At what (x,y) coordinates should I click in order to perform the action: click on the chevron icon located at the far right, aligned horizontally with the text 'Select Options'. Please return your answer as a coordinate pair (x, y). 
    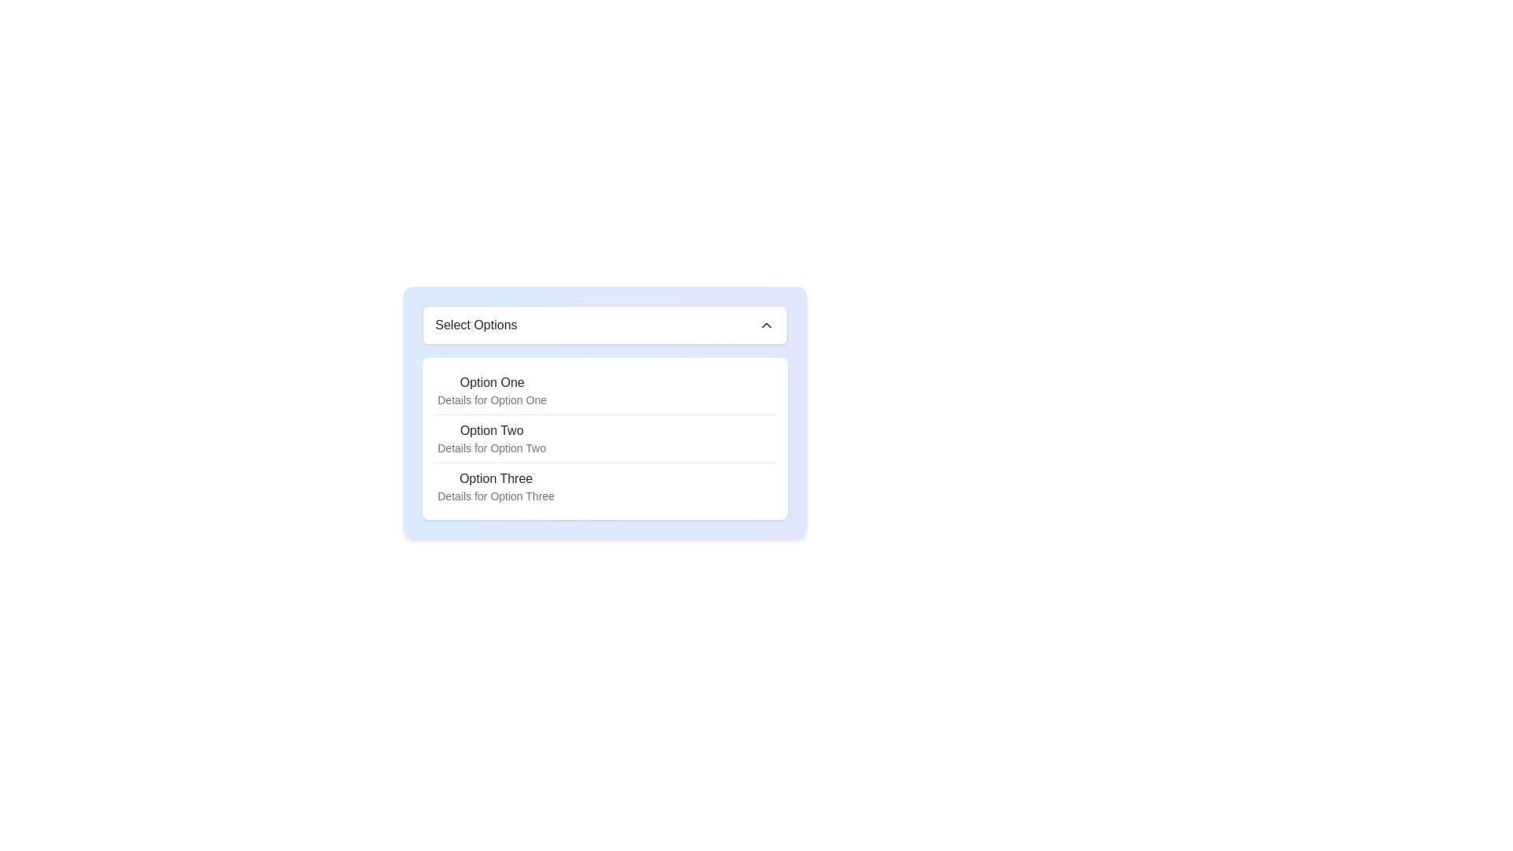
    Looking at the image, I should click on (766, 324).